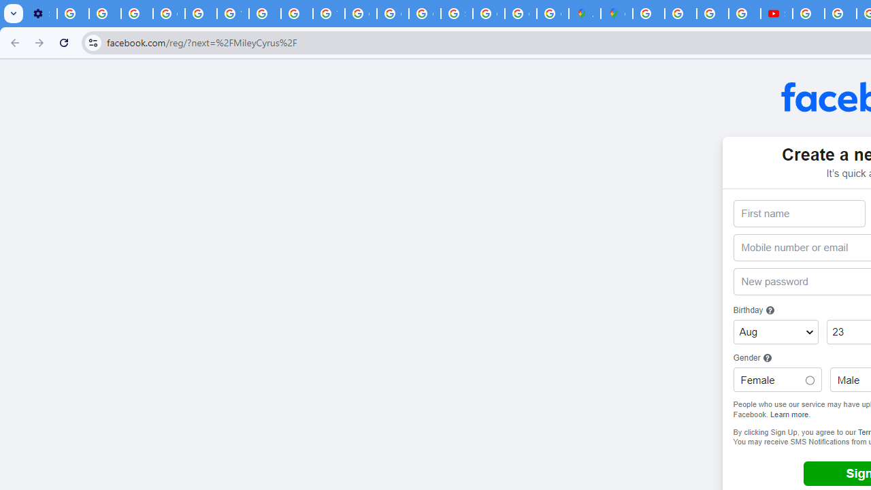  Describe the element at coordinates (789, 413) in the screenshot. I see `'Learn more'` at that location.